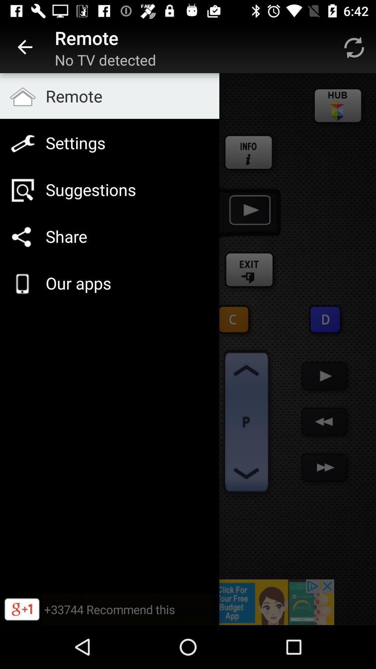 The image size is (376, 669). Describe the element at coordinates (246, 370) in the screenshot. I see `the expand_less icon` at that location.